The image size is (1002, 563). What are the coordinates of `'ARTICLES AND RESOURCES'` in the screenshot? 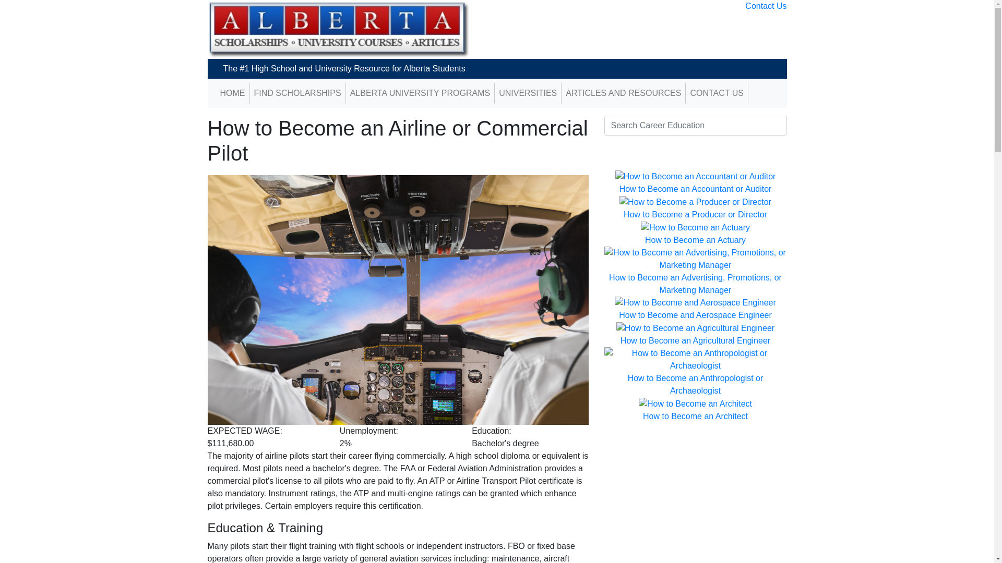 It's located at (623, 92).